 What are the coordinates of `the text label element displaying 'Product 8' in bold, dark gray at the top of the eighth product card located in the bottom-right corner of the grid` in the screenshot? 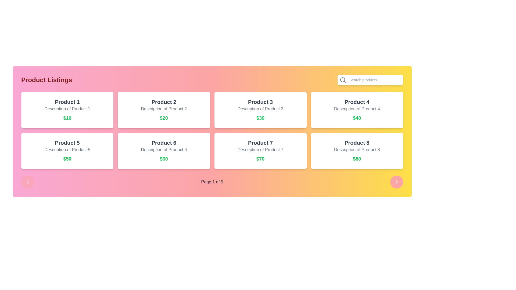 It's located at (357, 143).